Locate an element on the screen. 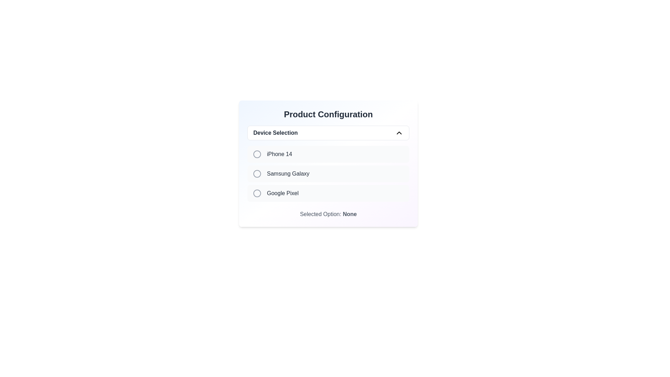 The height and width of the screenshot is (377, 670). the circular selection indicator next to the 'Samsung Galaxy' text for additional visual feedback is located at coordinates (257, 173).